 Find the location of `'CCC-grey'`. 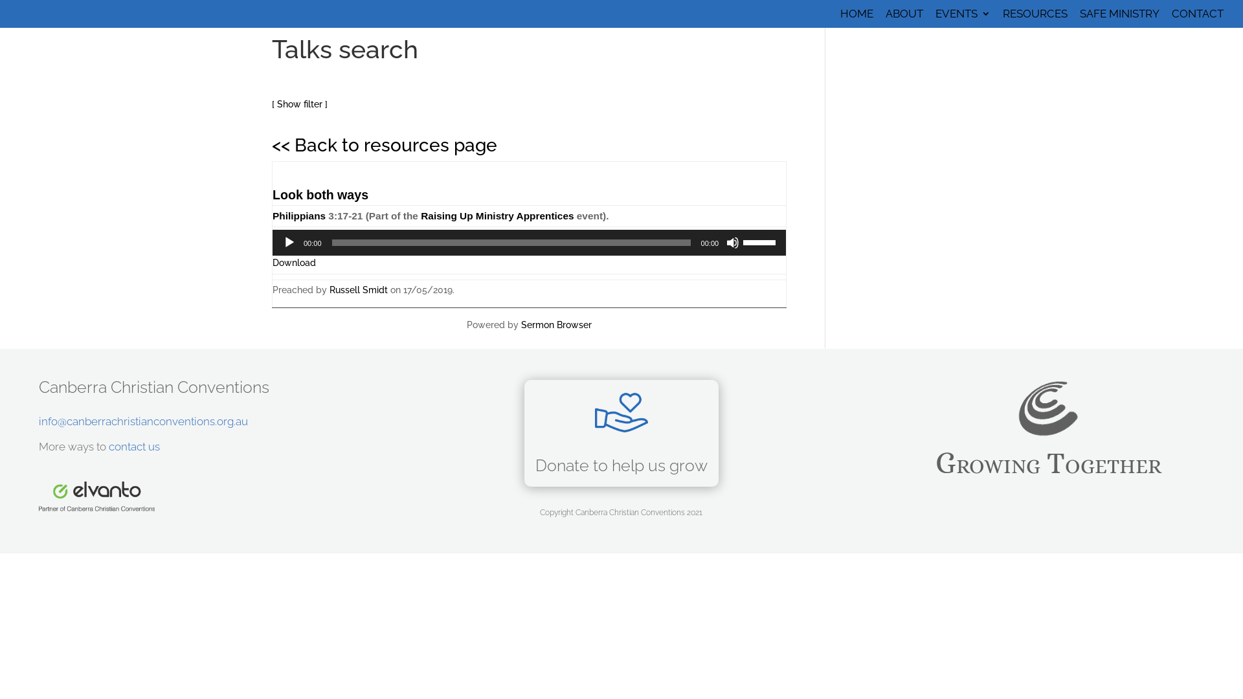

'CCC-grey' is located at coordinates (1047, 408).